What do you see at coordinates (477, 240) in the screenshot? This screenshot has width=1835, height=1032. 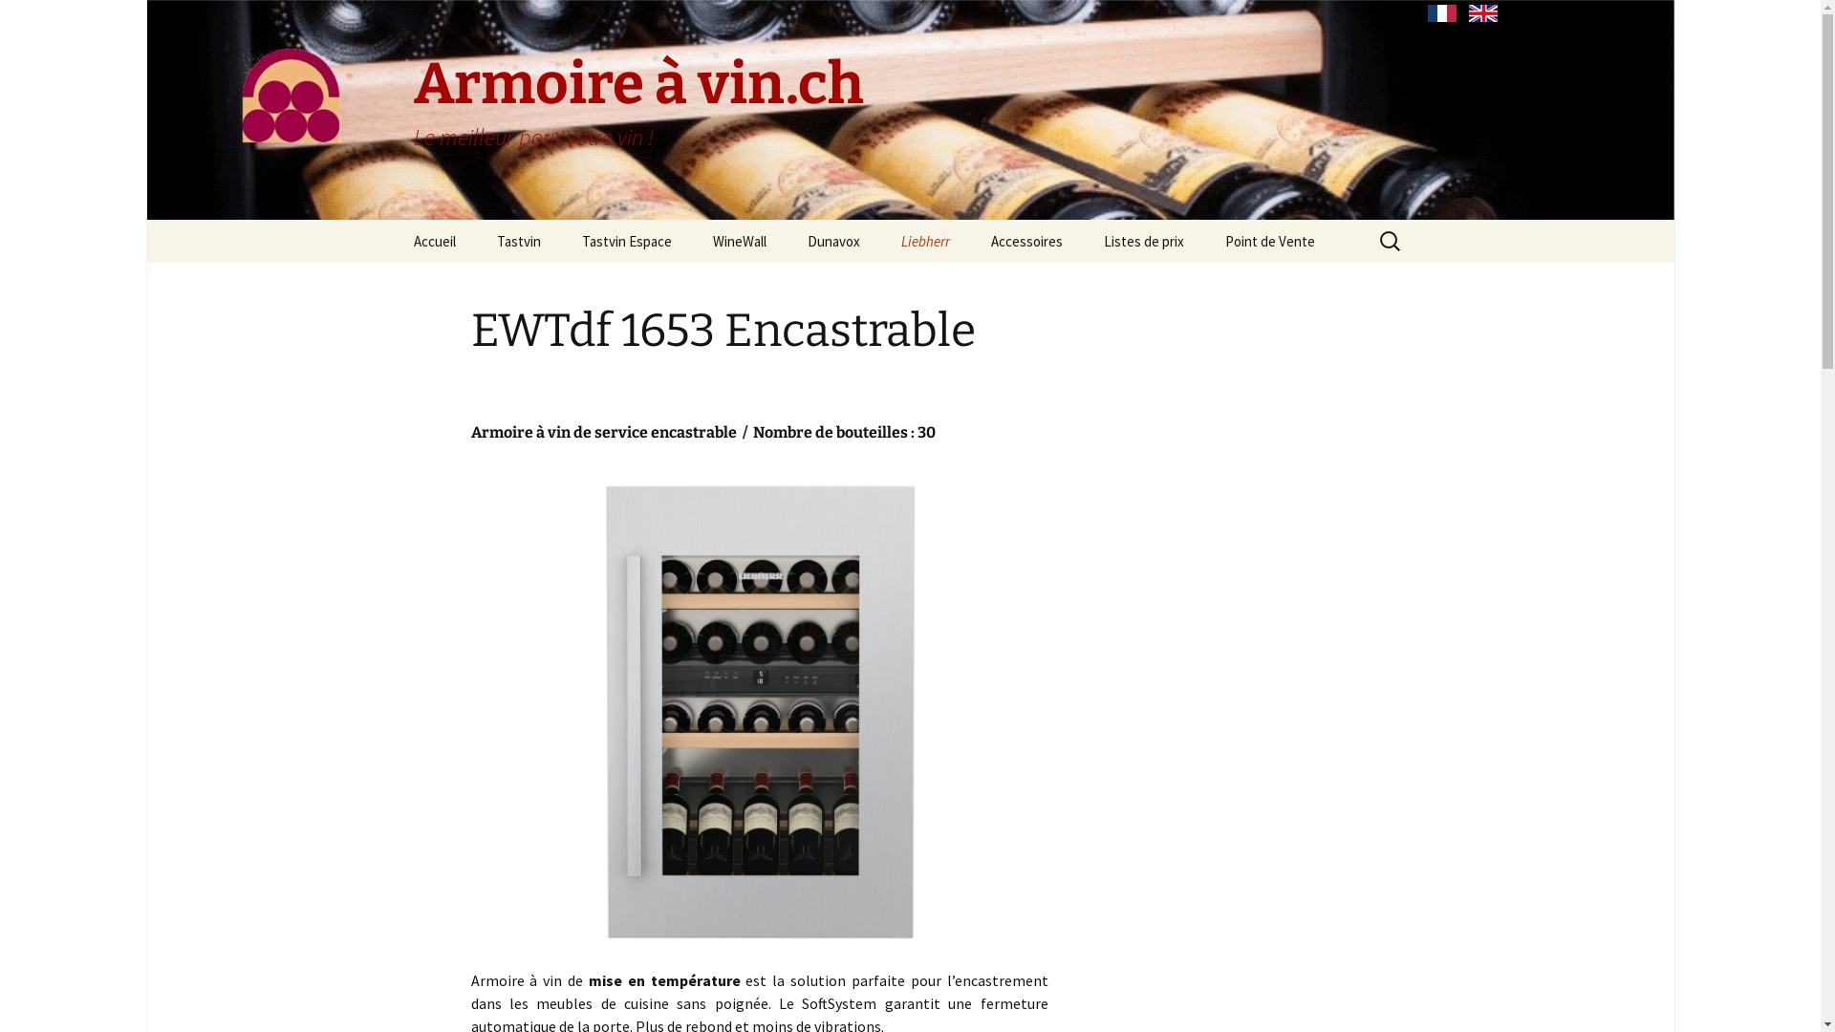 I see `'Tastvin'` at bounding box center [477, 240].